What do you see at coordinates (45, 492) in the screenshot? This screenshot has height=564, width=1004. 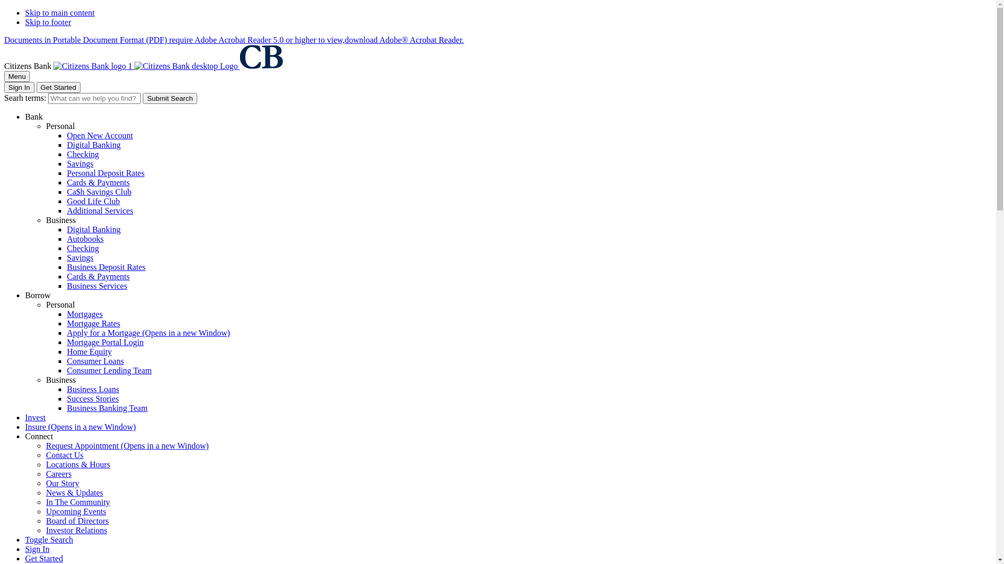 I see `'News & Updates'` at bounding box center [45, 492].